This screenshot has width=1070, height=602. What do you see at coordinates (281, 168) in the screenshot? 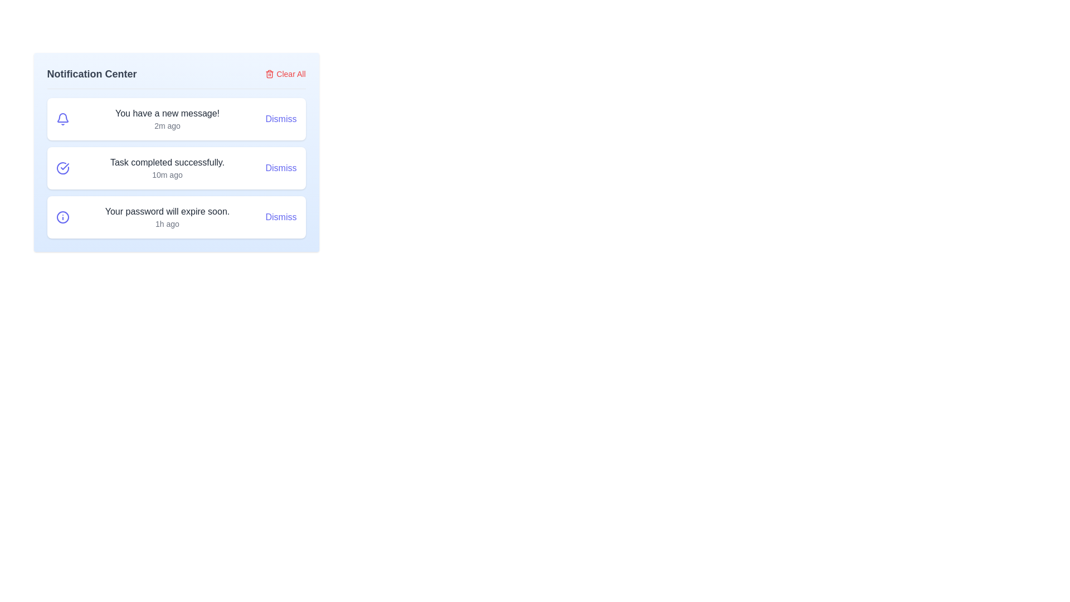
I see `the dismiss button for the notification titled 'Task completed successfully.'` at bounding box center [281, 168].